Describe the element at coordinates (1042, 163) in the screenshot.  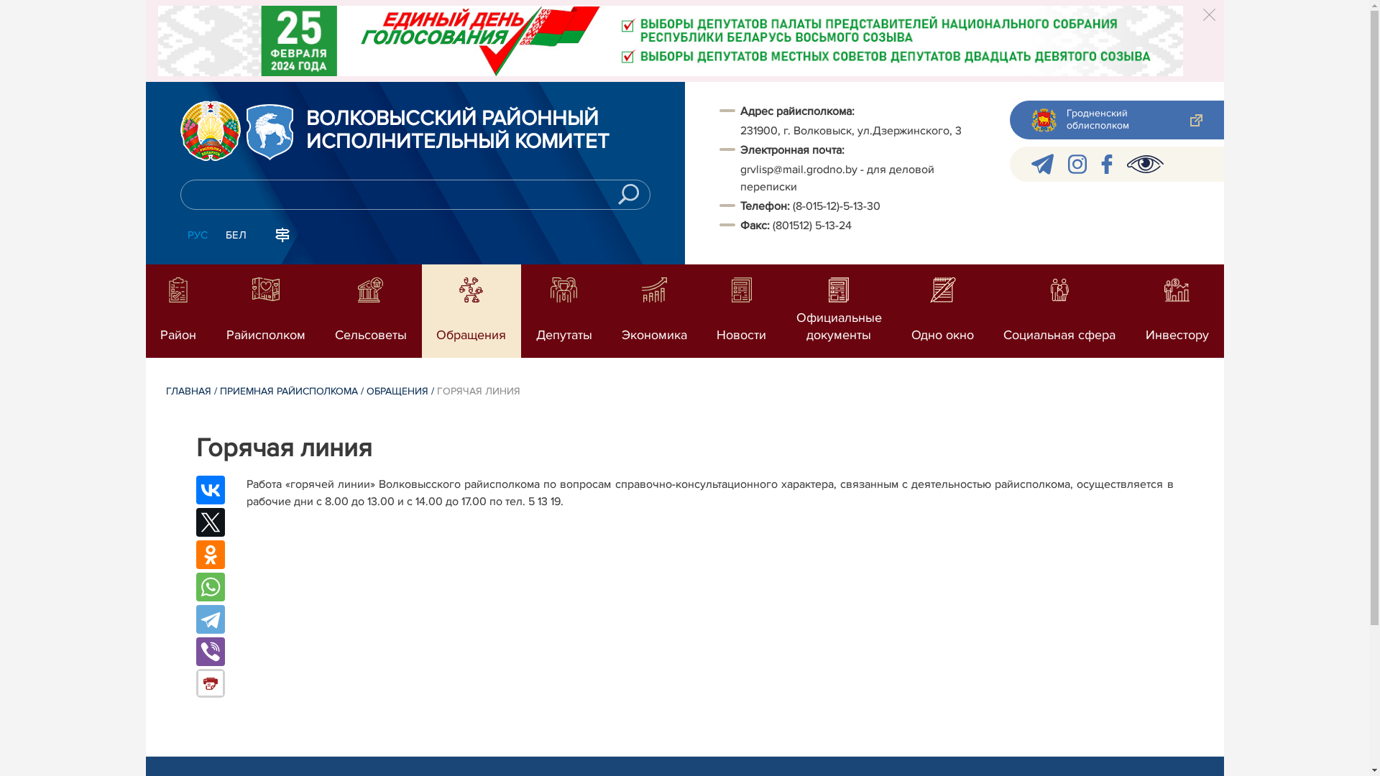
I see `'telegram'` at that location.